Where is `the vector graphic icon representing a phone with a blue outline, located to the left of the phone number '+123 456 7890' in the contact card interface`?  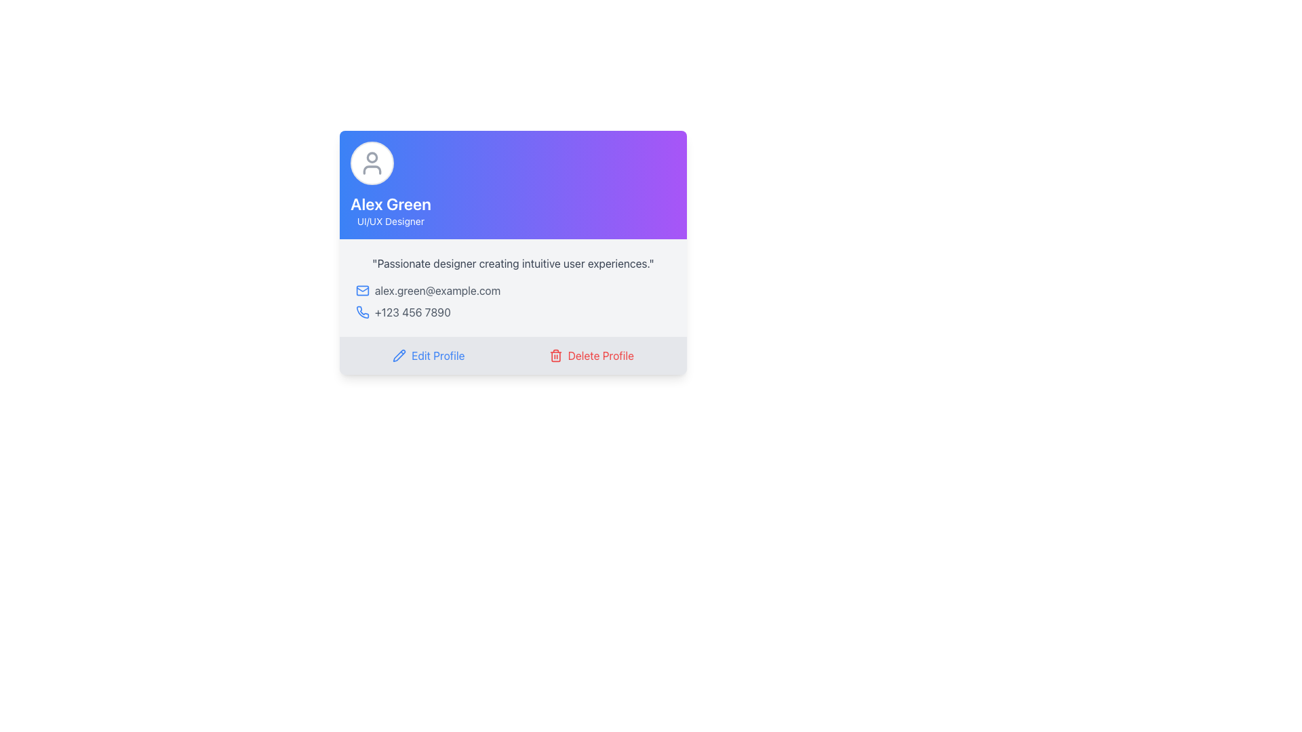
the vector graphic icon representing a phone with a blue outline, located to the left of the phone number '+123 456 7890' in the contact card interface is located at coordinates (363, 312).